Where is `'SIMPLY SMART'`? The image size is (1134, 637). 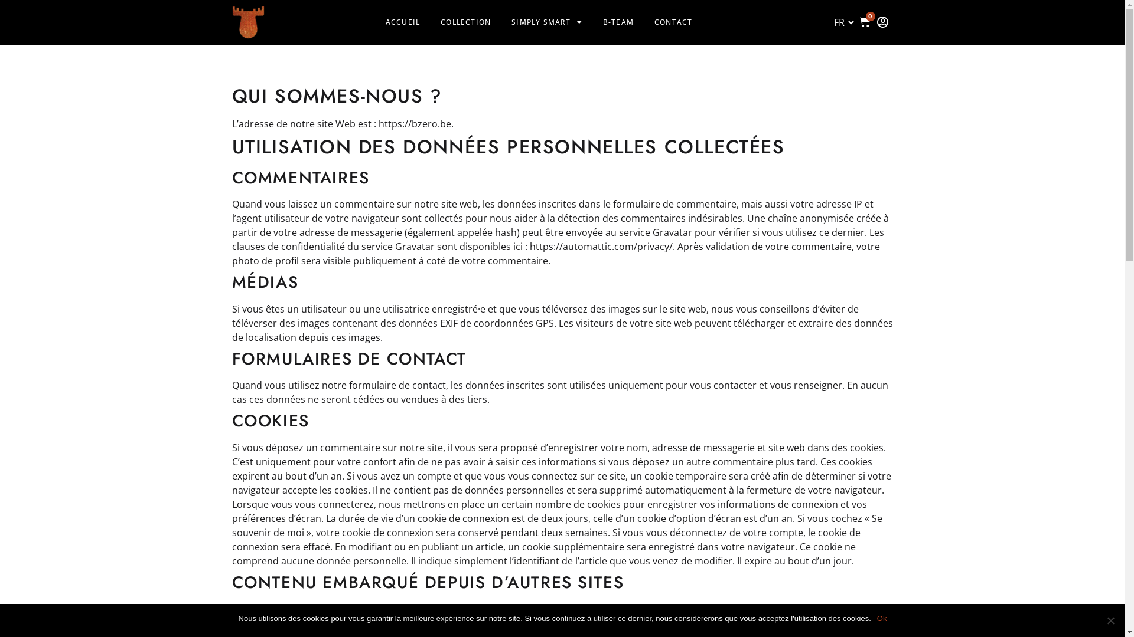 'SIMPLY SMART' is located at coordinates (546, 22).